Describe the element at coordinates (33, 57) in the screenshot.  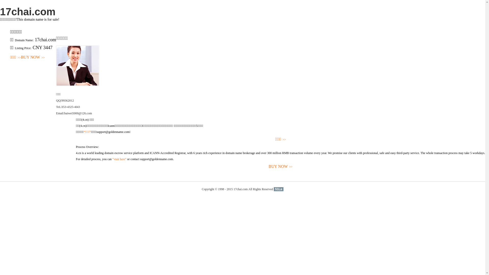
I see `'BUY NOW>>'` at that location.